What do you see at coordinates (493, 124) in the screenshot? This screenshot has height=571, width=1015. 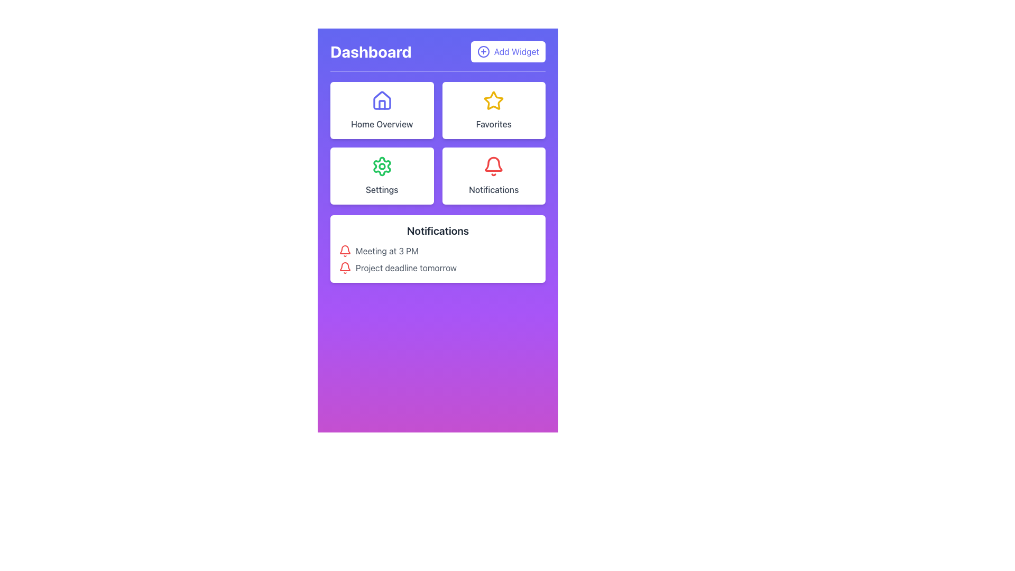 I see `the text label displaying 'Favorites', which is styled in gray and located below a gold star icon in the second tile of a grid layout` at bounding box center [493, 124].